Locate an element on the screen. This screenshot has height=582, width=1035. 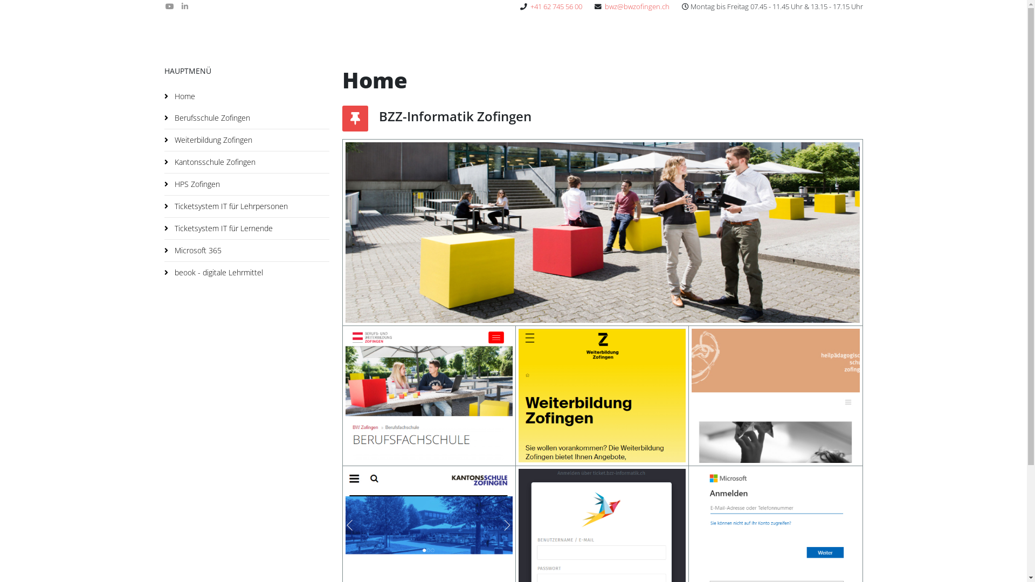
'beook - digitale Lehrmittel' is located at coordinates (163, 272).